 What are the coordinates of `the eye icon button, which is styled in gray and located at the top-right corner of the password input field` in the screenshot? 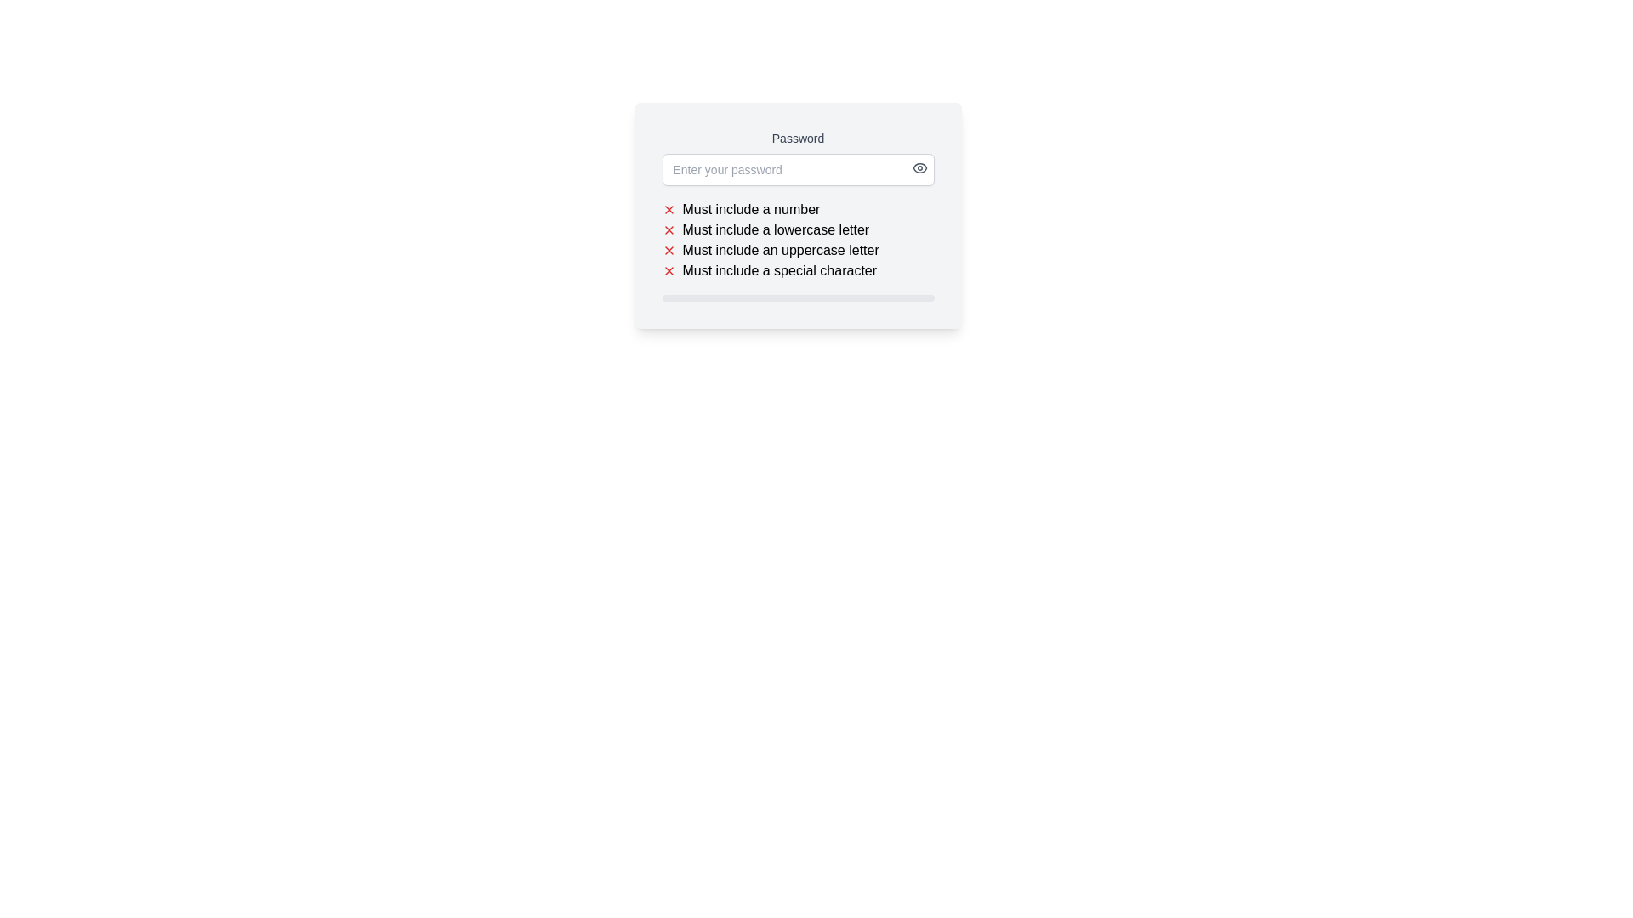 It's located at (919, 167).